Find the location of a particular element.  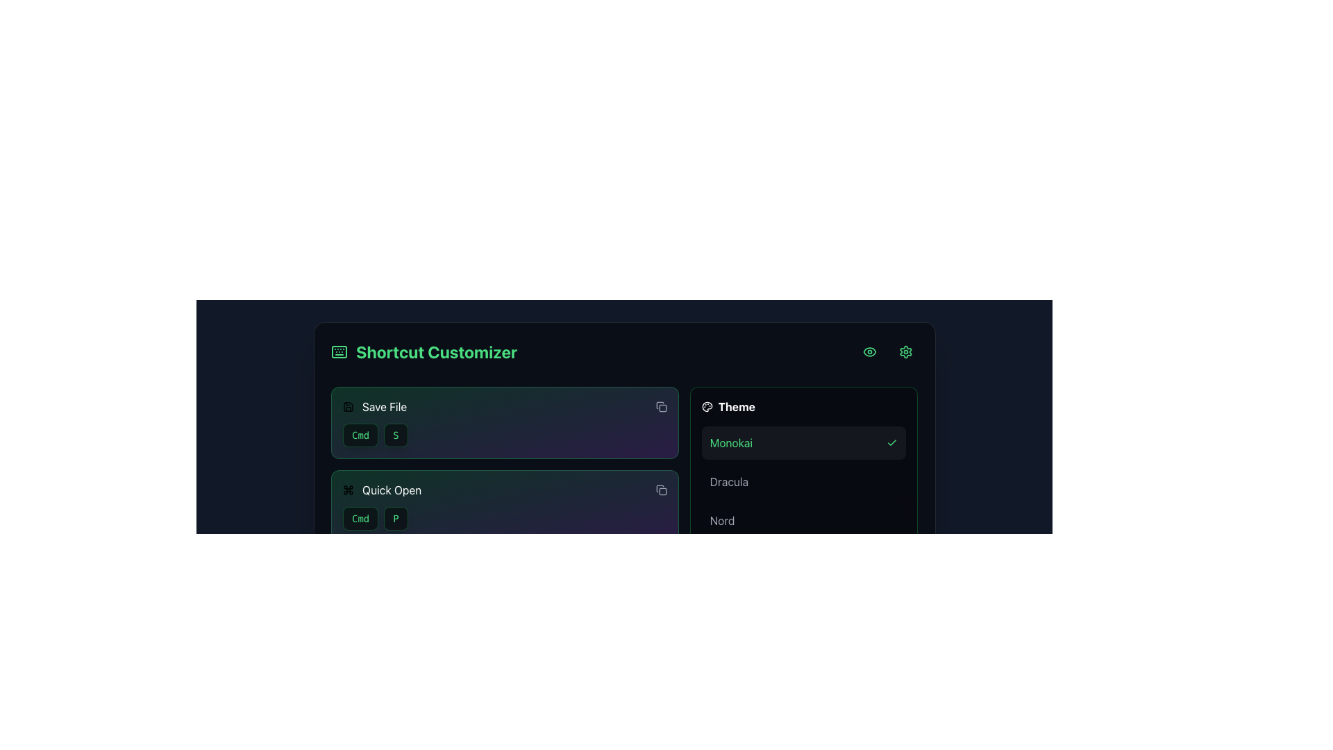

the green oval shape that is part of the eye icon located in the upper-right corner of the section panel is located at coordinates (869, 351).